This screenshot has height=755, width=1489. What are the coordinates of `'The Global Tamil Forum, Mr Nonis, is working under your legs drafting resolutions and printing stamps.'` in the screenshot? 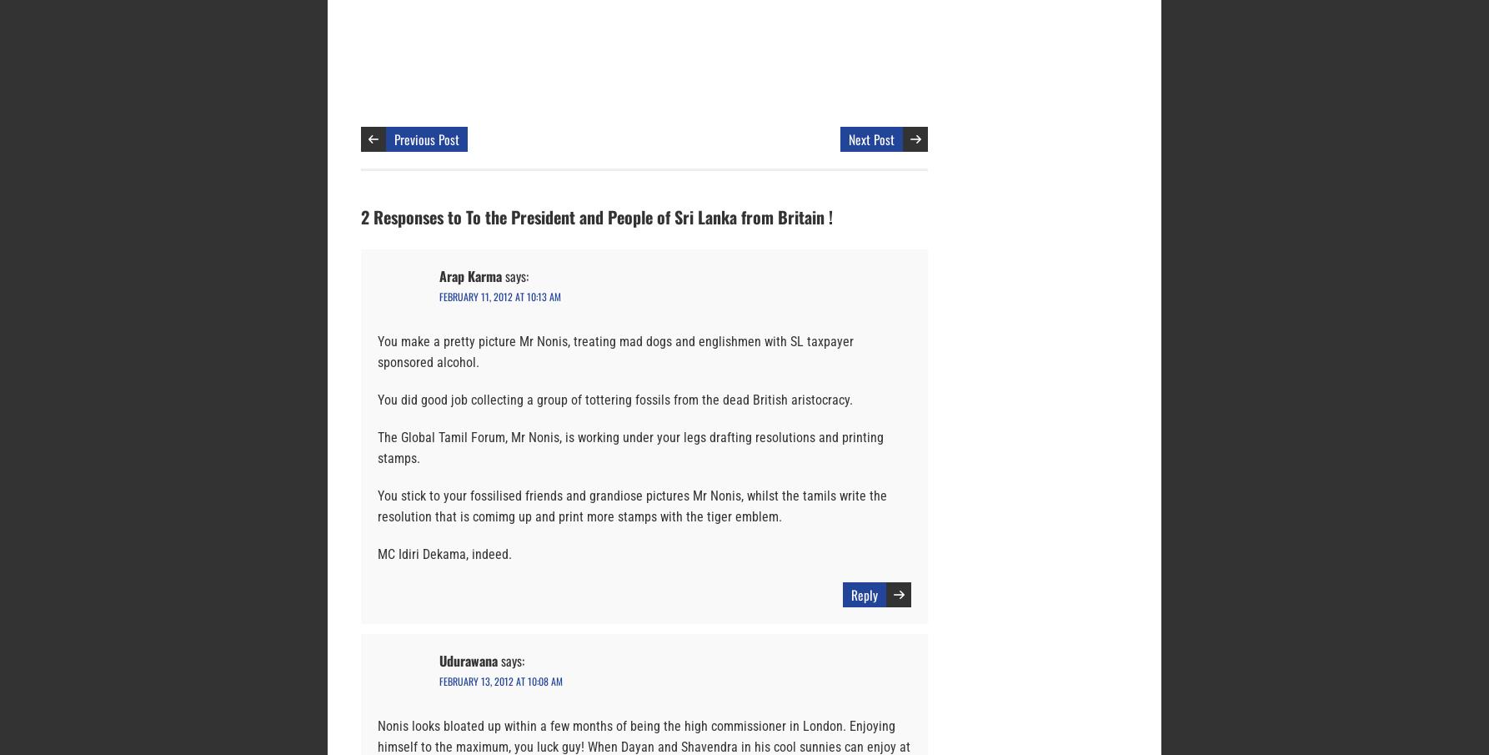 It's located at (376, 447).